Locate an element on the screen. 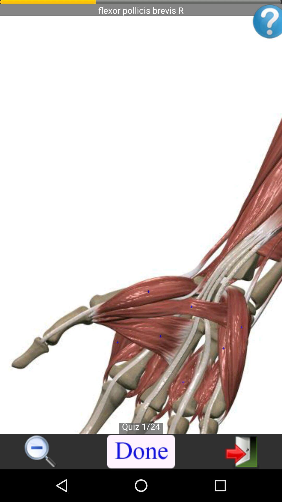 This screenshot has width=282, height=502. next image is located at coordinates (242, 451).